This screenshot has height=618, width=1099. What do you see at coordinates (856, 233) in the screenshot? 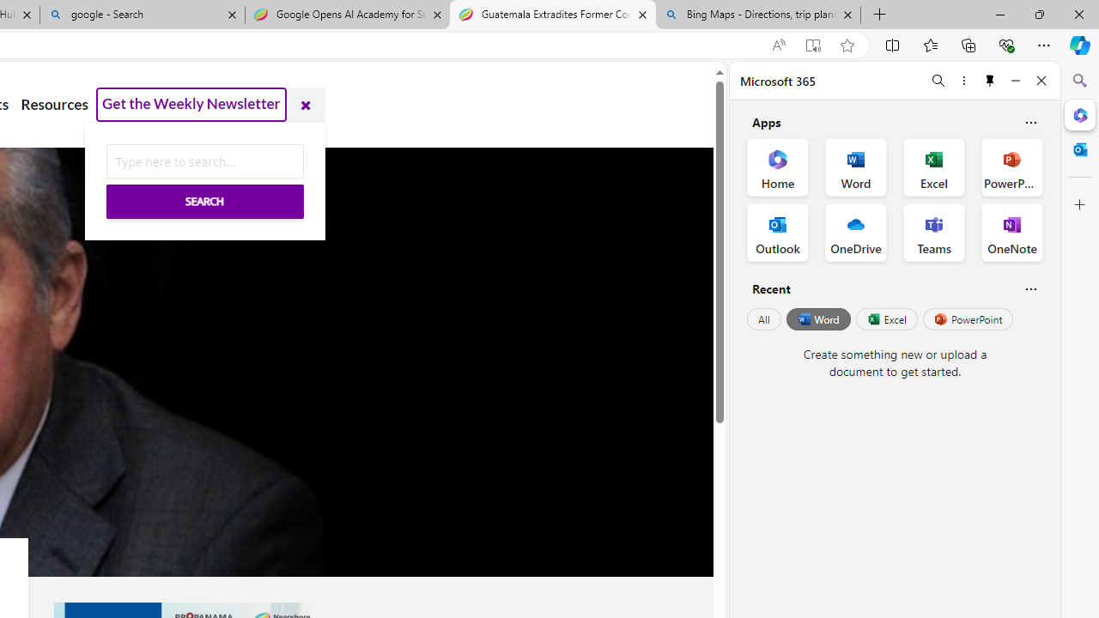
I see `'OneDrive Office App'` at bounding box center [856, 233].